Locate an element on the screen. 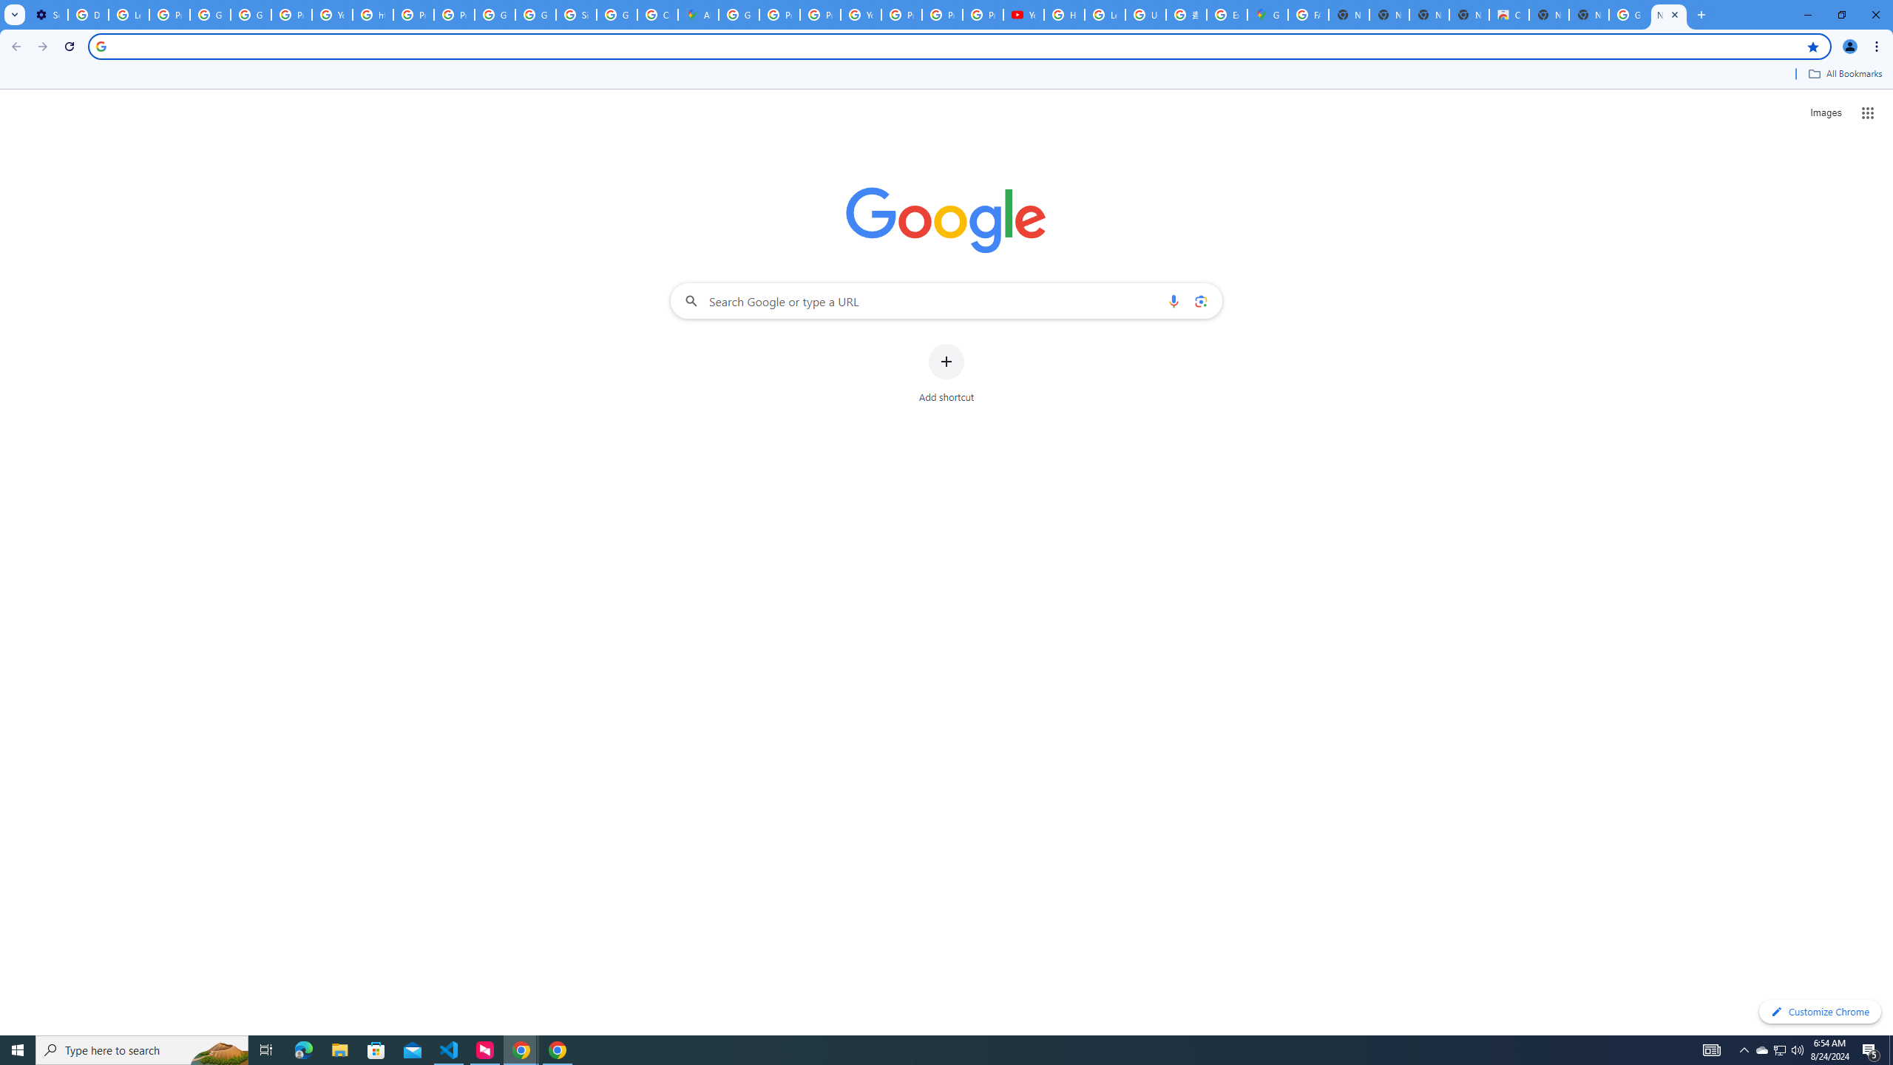 This screenshot has width=1893, height=1065. 'How Chrome protects your passwords - Google Chrome Help' is located at coordinates (1064, 14).